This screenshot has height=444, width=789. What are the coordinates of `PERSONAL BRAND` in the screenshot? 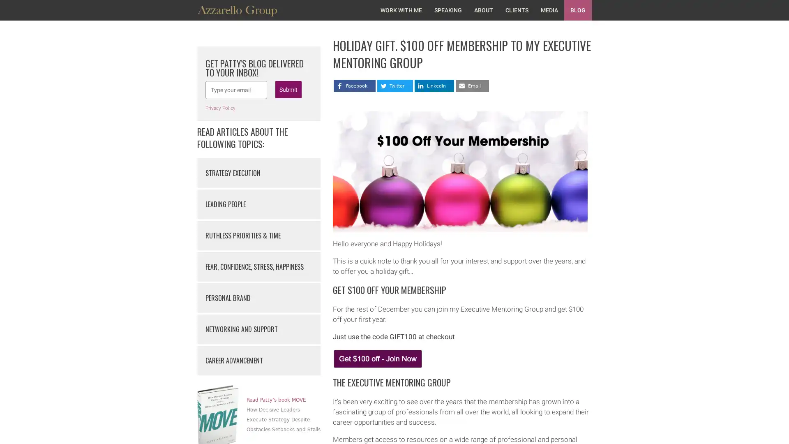 It's located at (258, 298).